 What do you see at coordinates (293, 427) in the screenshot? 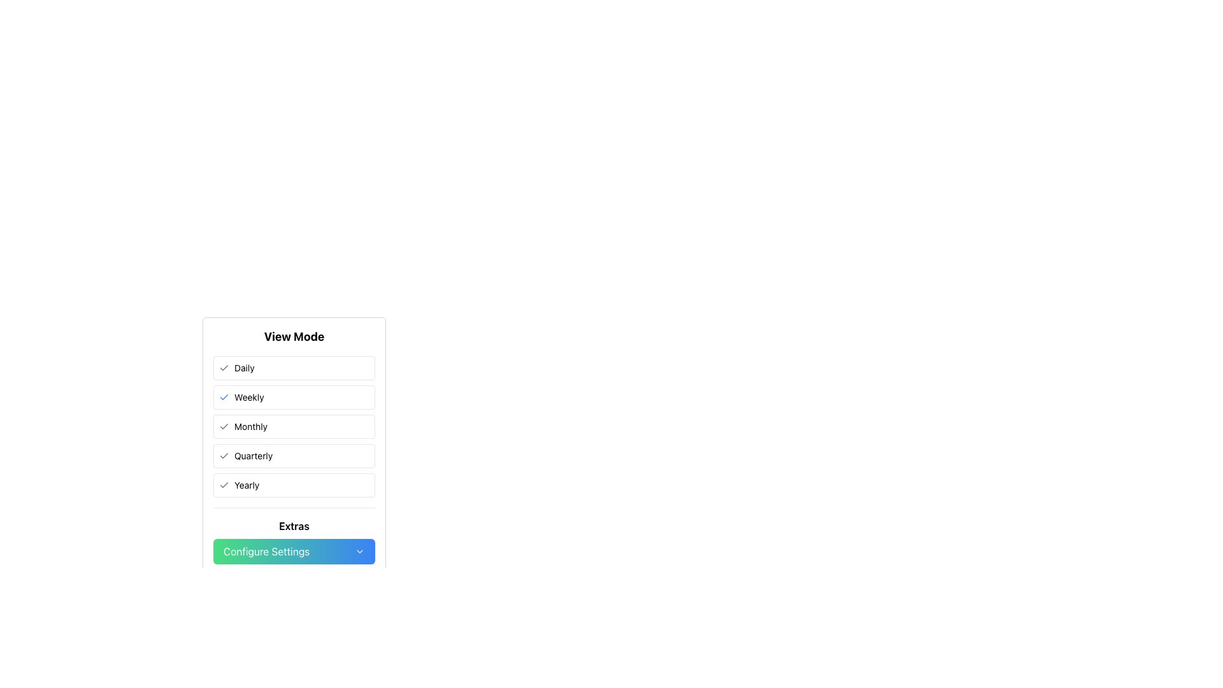
I see `the 'Monthly' button located in the 'View Mode' list` at bounding box center [293, 427].